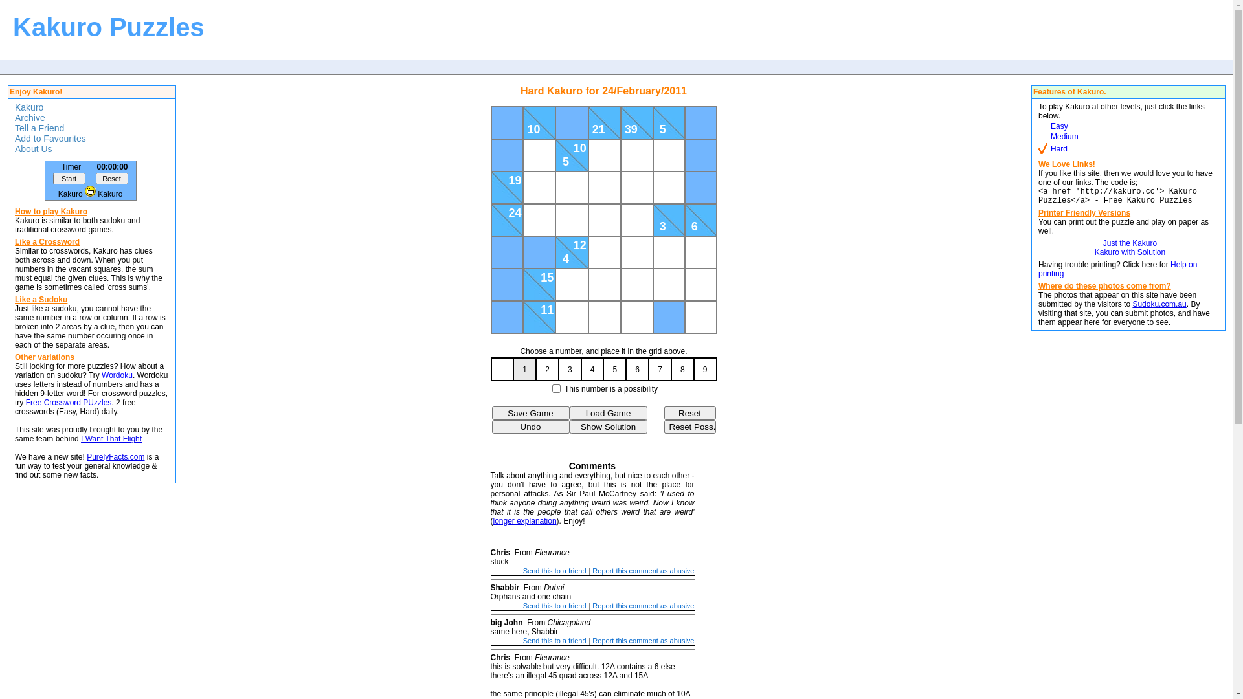 The image size is (1243, 699). What do you see at coordinates (555, 641) in the screenshot?
I see `'Send this to a friend'` at bounding box center [555, 641].